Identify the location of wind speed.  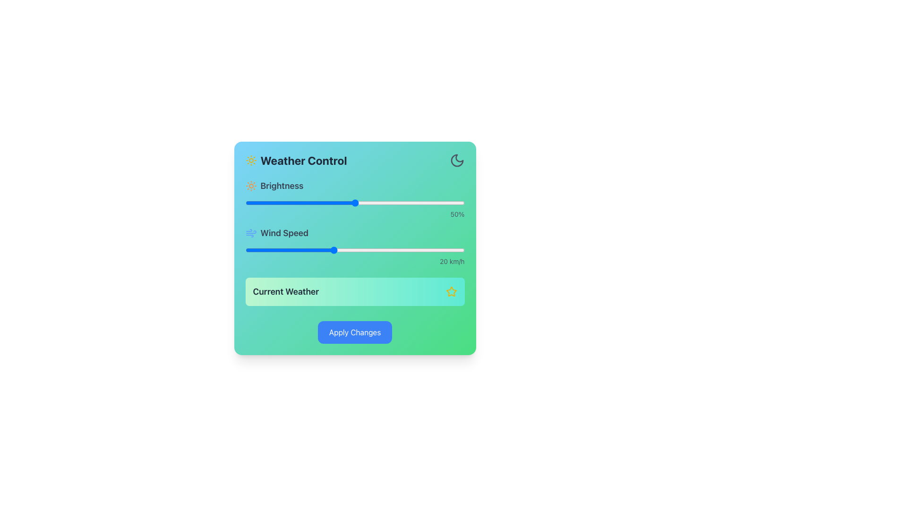
(399, 249).